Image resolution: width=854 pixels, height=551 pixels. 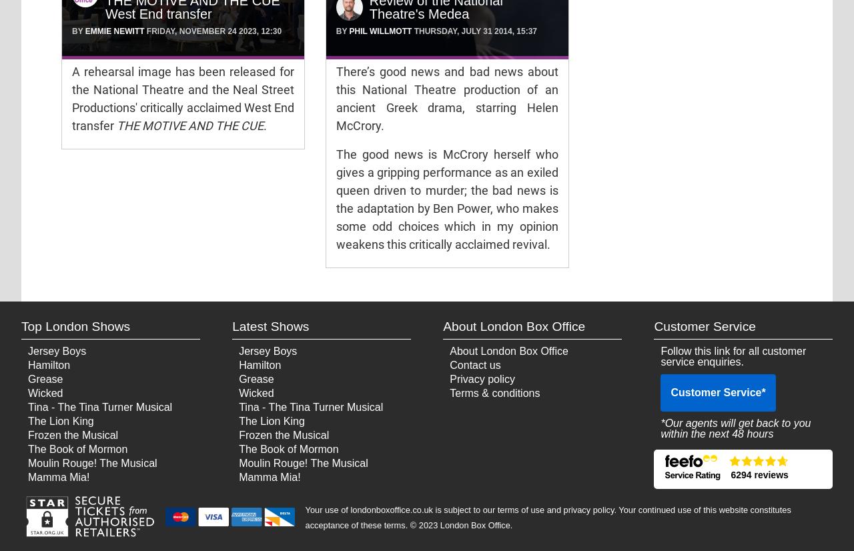 I want to click on '*Our agents will get back to you within the next 48 hours', so click(x=735, y=428).